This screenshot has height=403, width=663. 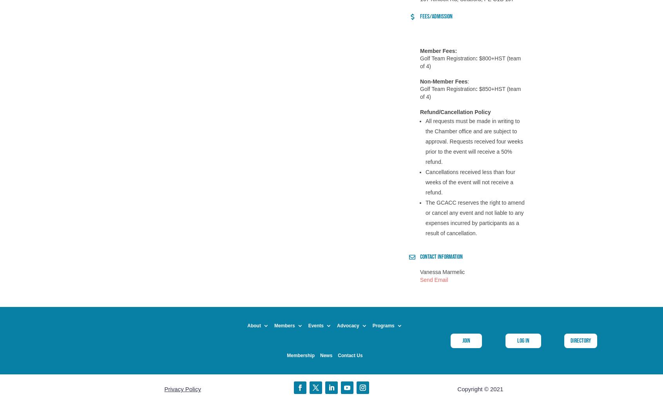 I want to click on 'Advocacy', so click(x=337, y=326).